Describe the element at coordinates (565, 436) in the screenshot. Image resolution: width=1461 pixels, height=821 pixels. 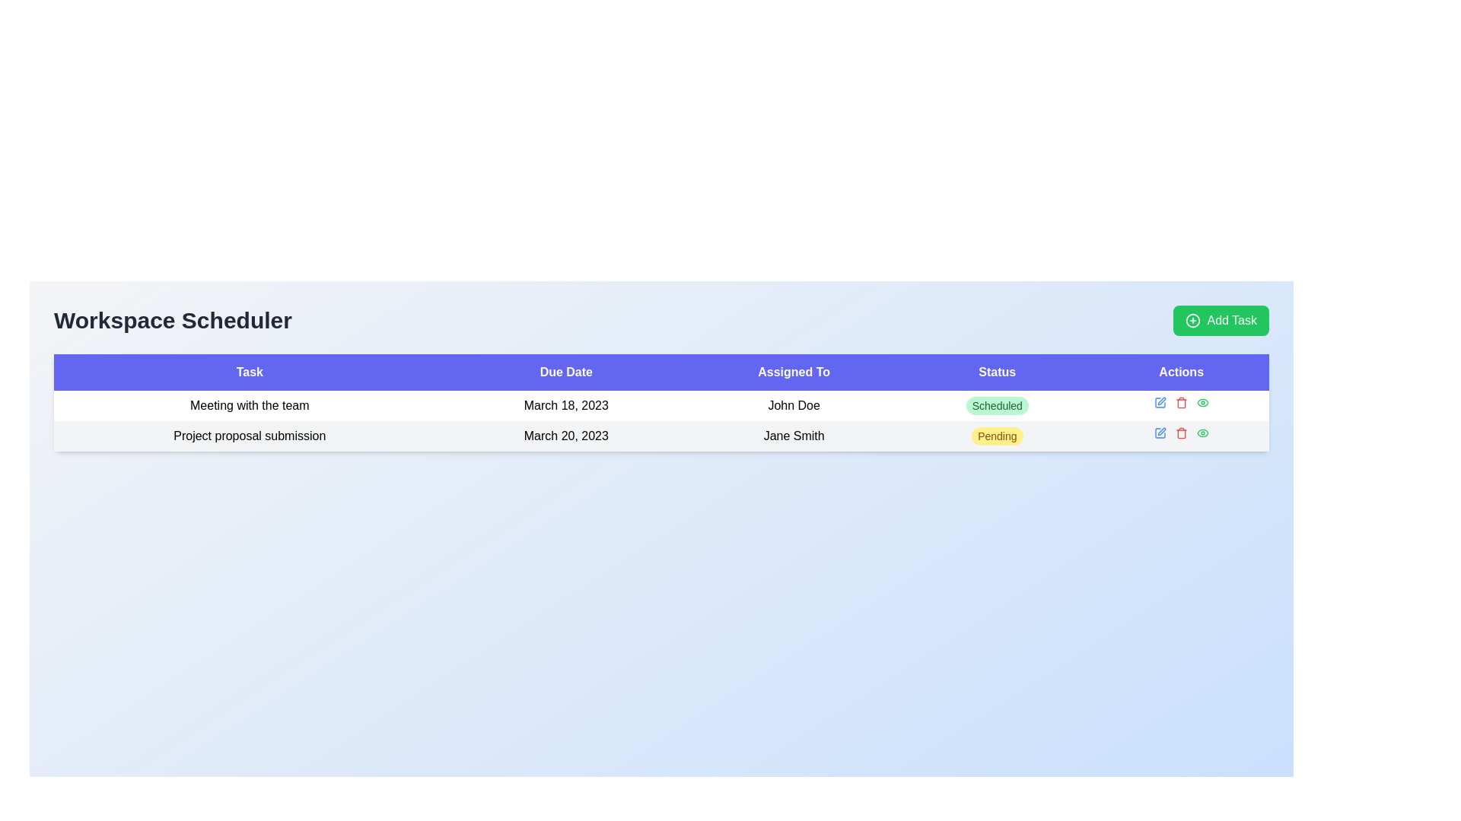
I see `information displayed in the text label showing 'March 20, 2023' in the 'Due Date' column of the second row in the table` at that location.